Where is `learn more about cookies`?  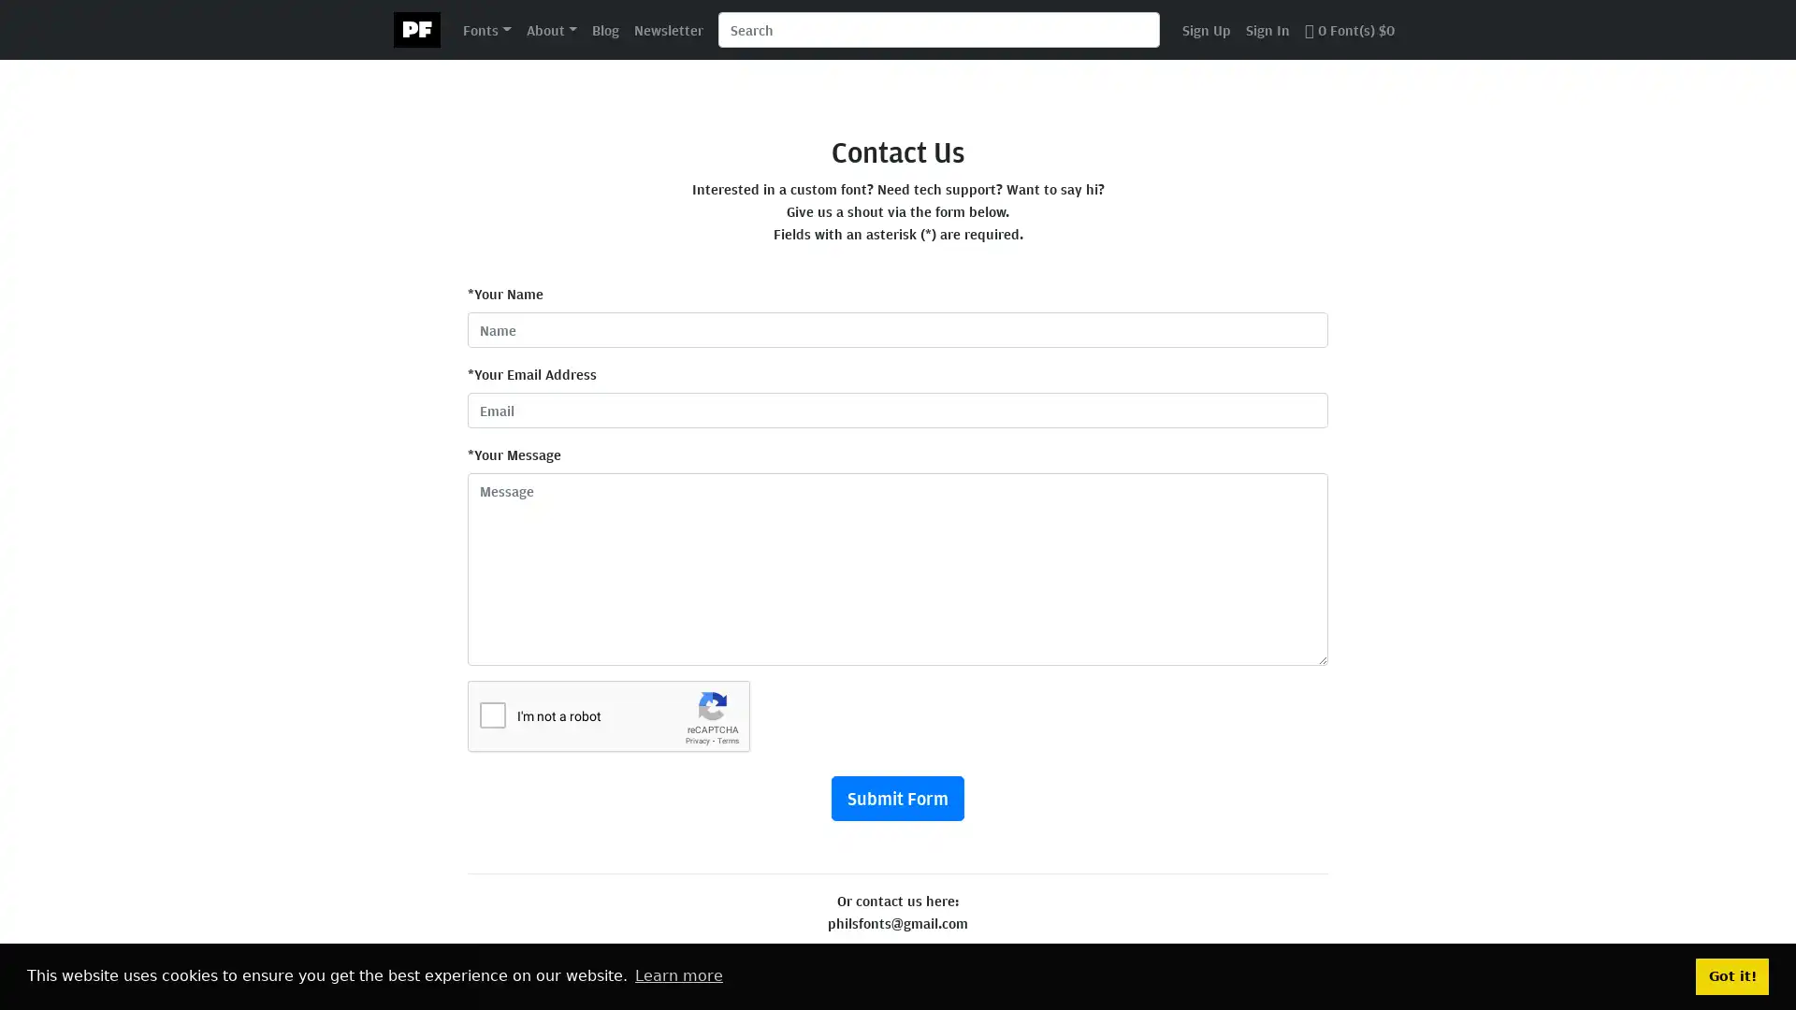 learn more about cookies is located at coordinates (677, 975).